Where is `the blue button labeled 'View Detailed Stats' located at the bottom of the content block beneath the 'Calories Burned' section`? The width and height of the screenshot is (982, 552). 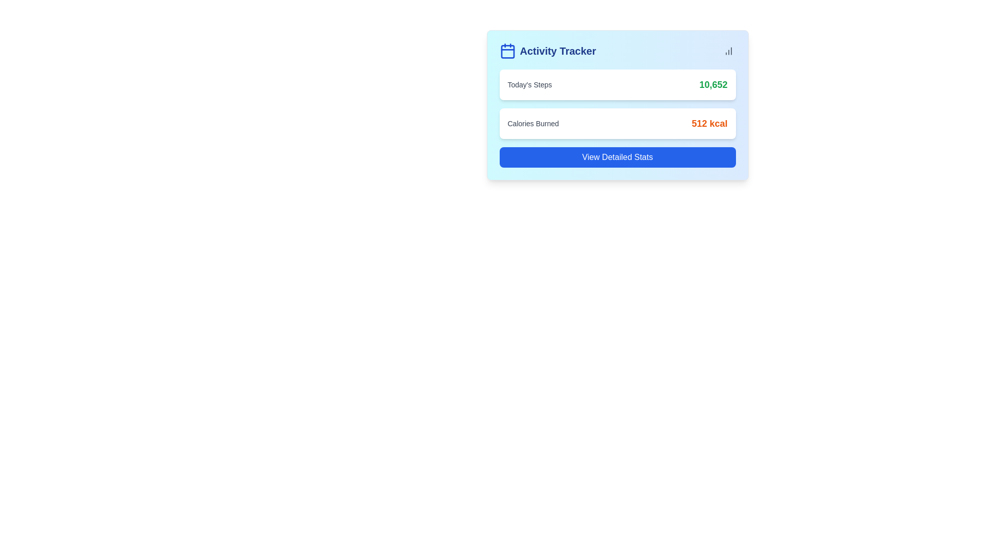 the blue button labeled 'View Detailed Stats' located at the bottom of the content block beneath the 'Calories Burned' section is located at coordinates (617, 157).